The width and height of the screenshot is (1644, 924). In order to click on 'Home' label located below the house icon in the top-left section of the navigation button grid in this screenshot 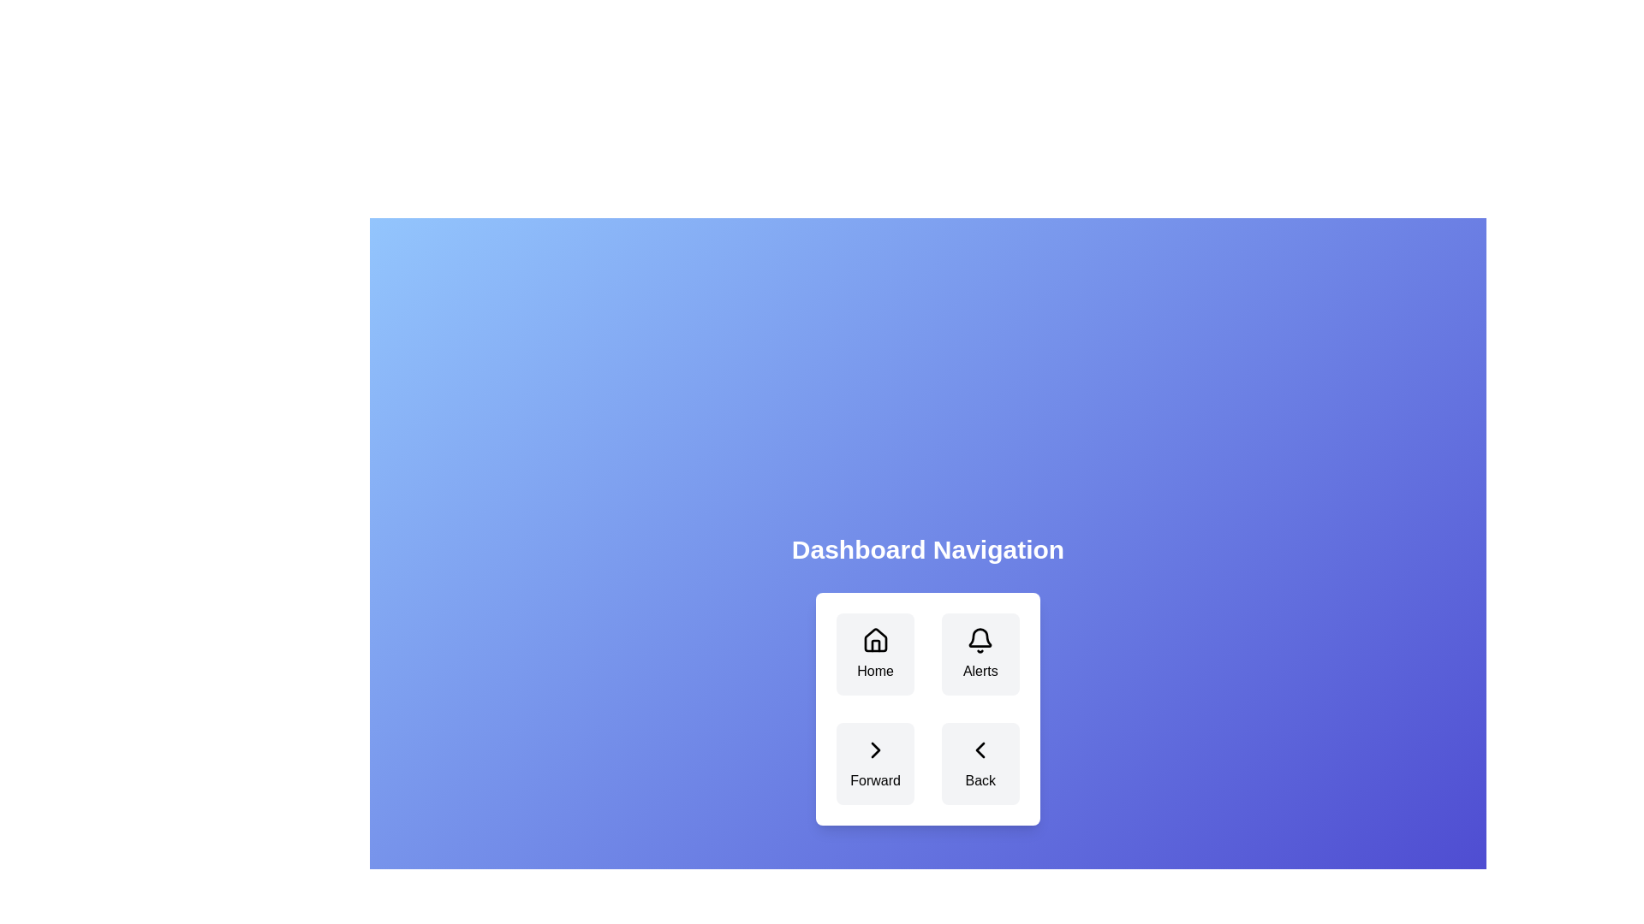, I will do `click(875, 671)`.